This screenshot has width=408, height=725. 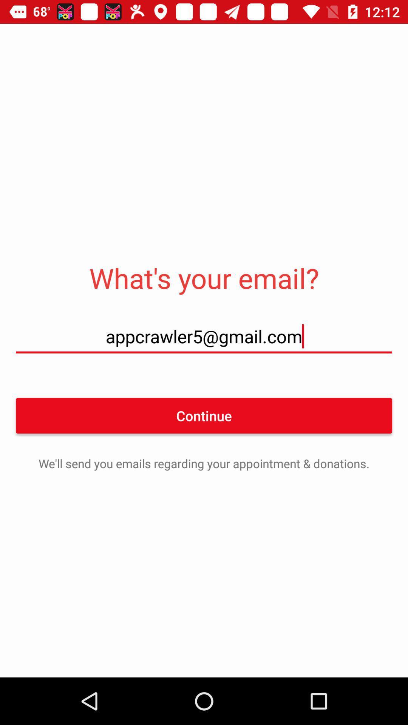 I want to click on the appcrawler5@gmail.com, so click(x=204, y=336).